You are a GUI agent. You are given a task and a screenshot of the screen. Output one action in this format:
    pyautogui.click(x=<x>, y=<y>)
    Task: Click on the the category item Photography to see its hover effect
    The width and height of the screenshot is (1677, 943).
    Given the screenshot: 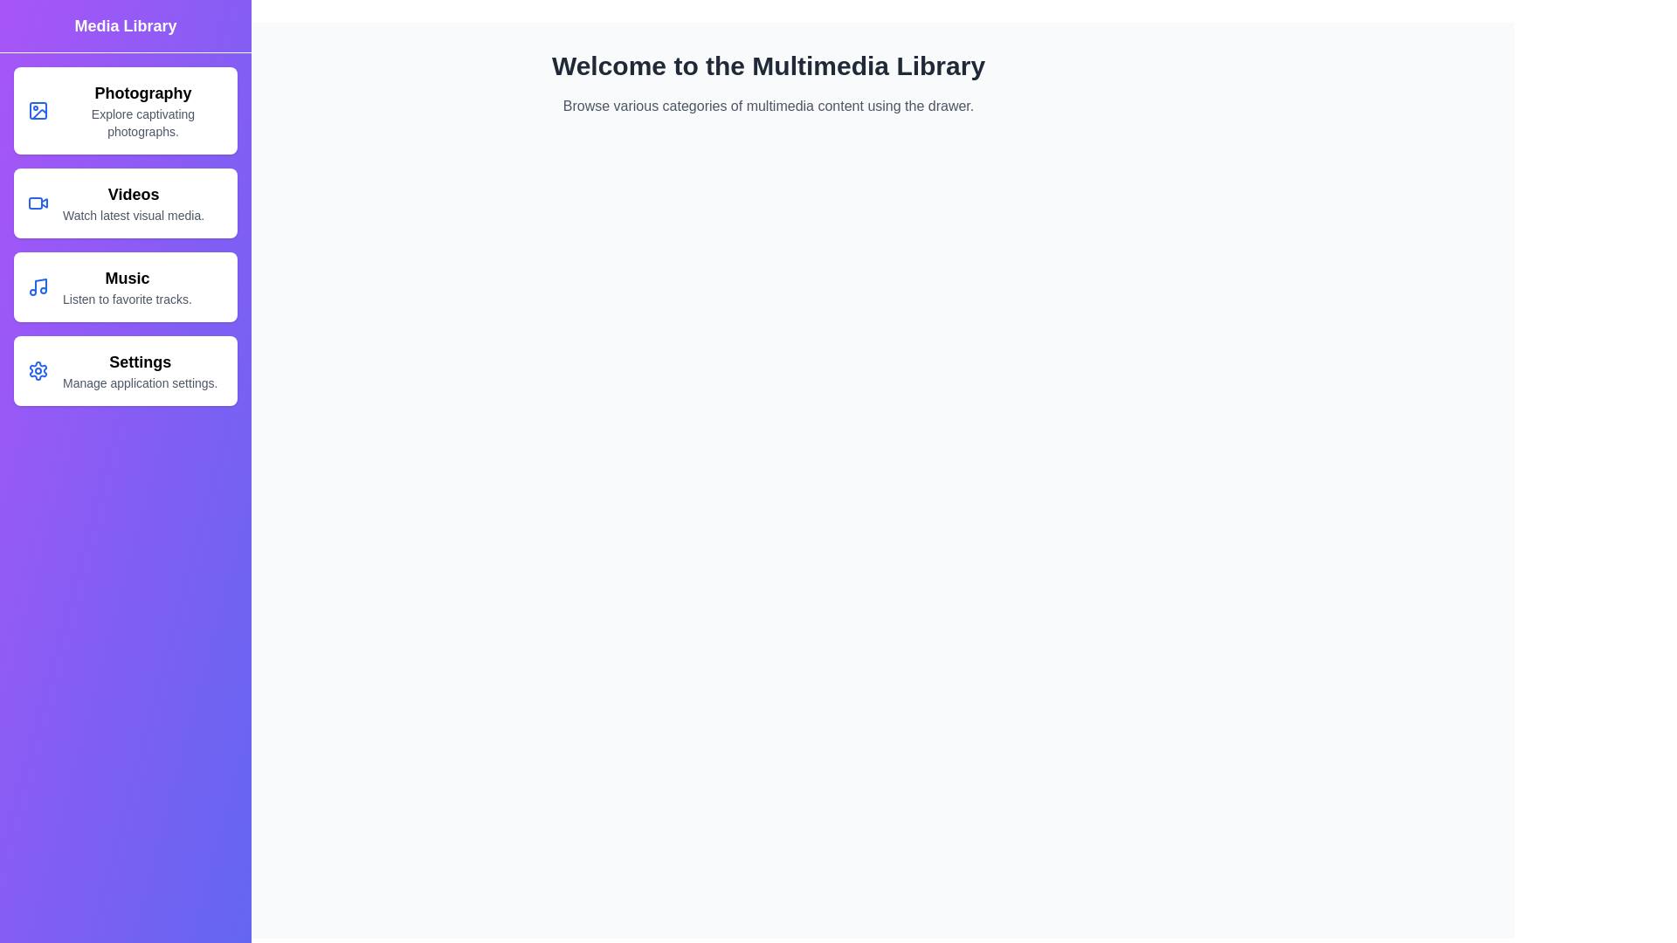 What is the action you would take?
    pyautogui.click(x=125, y=111)
    